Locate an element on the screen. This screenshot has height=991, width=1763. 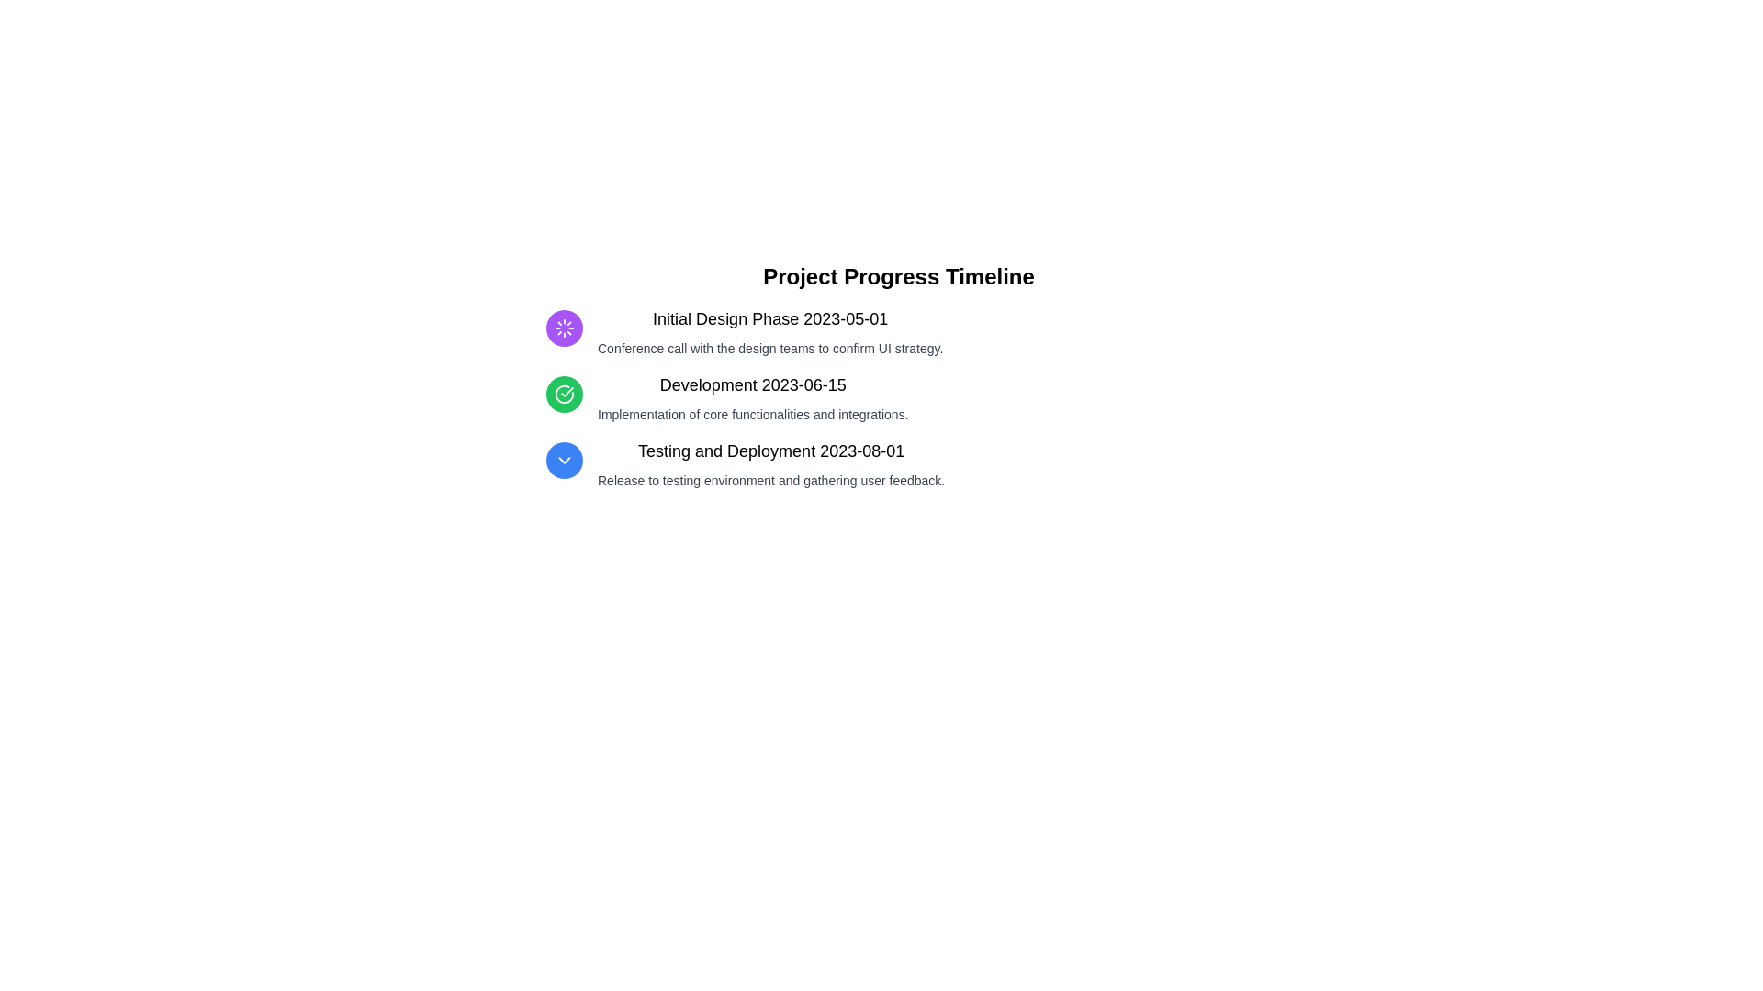
the text label displaying 'Initial Design Phase 2023-05-01', which is prominently styled in bold and positioned under the purple icon in the project timeline is located at coordinates (770, 317).